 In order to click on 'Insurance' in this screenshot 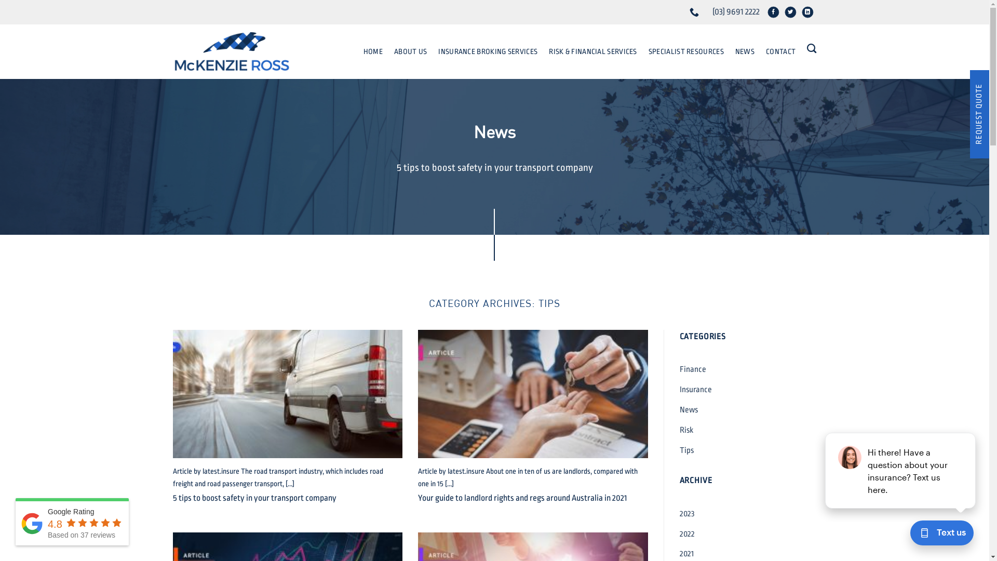, I will do `click(695, 390)`.